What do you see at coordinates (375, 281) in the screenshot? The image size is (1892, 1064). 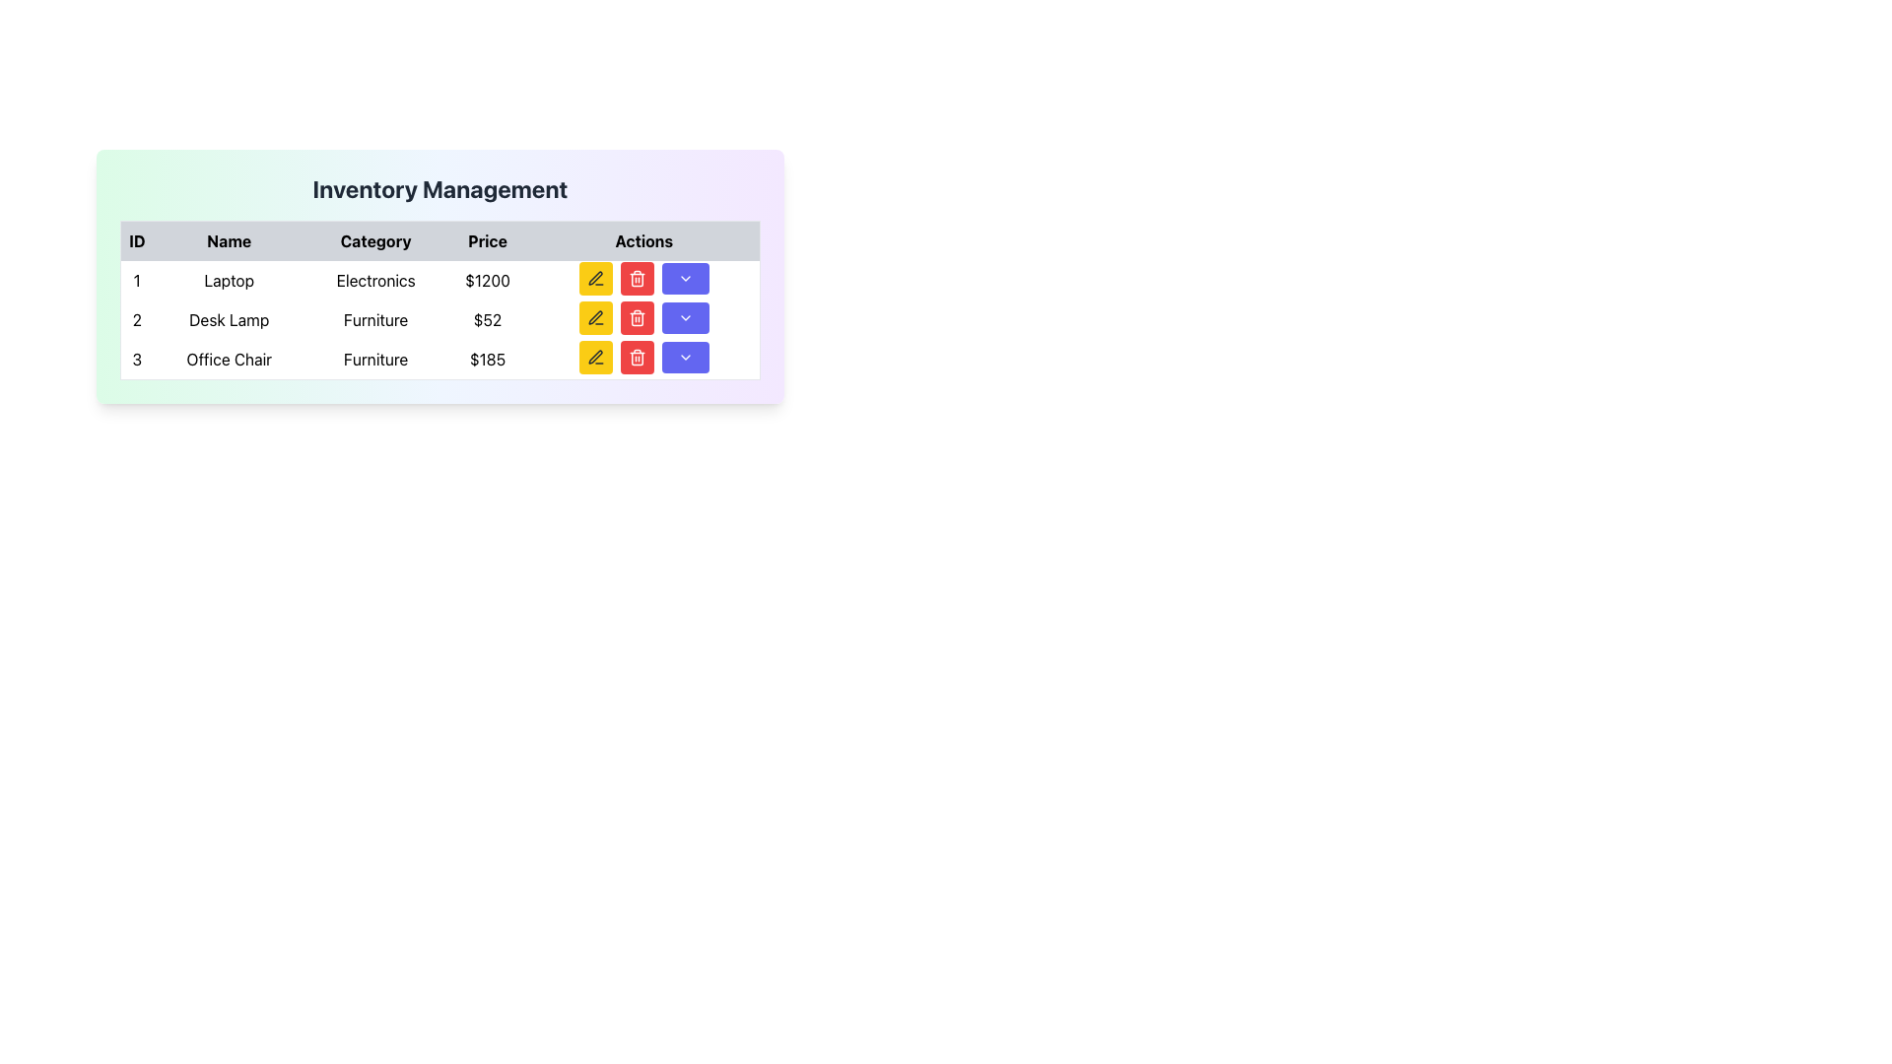 I see `the 'Laptop' category label in the inventory list, which is located in the first row and third column of the table` at bounding box center [375, 281].